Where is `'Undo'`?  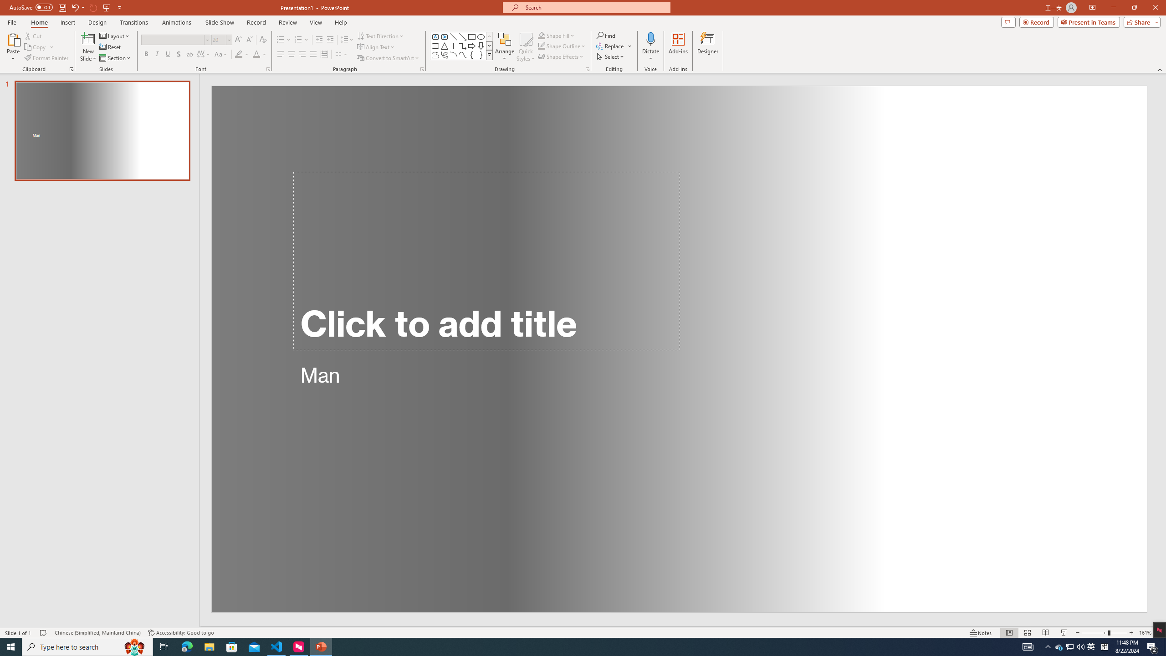
'Undo' is located at coordinates (74, 7).